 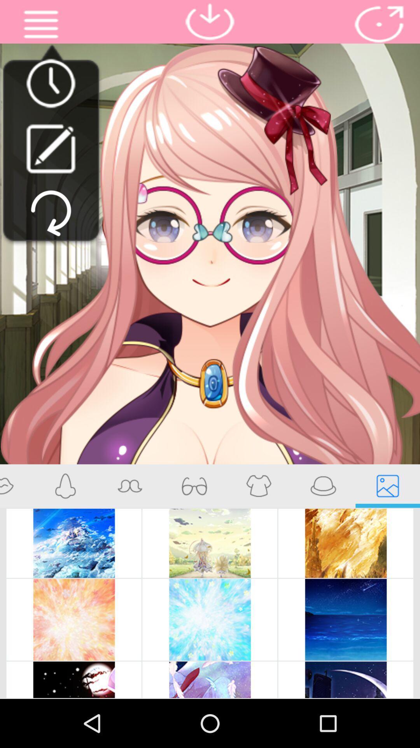 What do you see at coordinates (51, 228) in the screenshot?
I see `the refresh icon` at bounding box center [51, 228].